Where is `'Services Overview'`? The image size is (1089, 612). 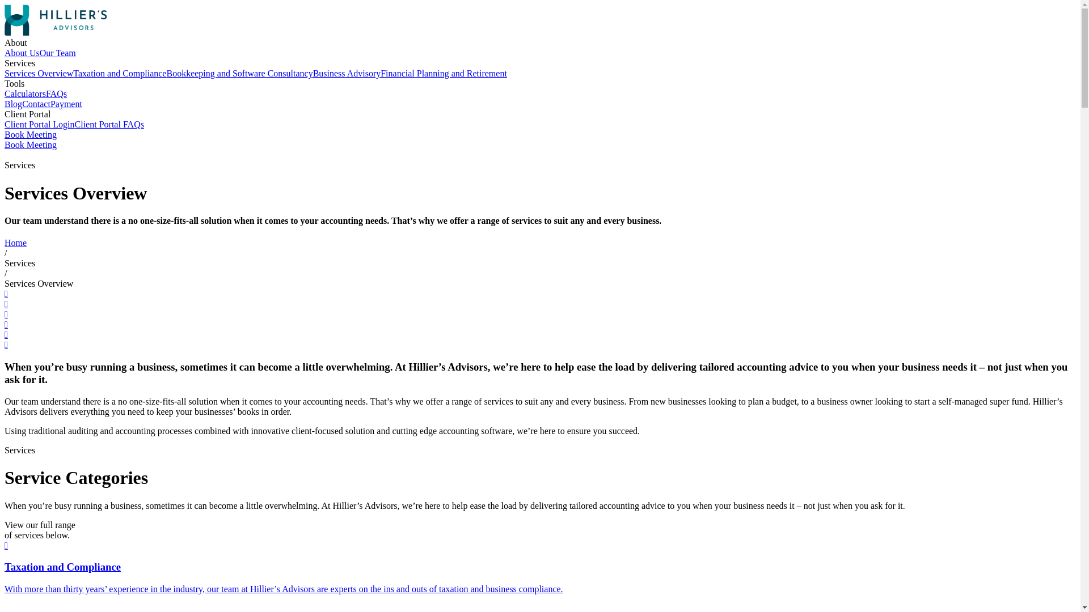 'Services Overview' is located at coordinates (39, 73).